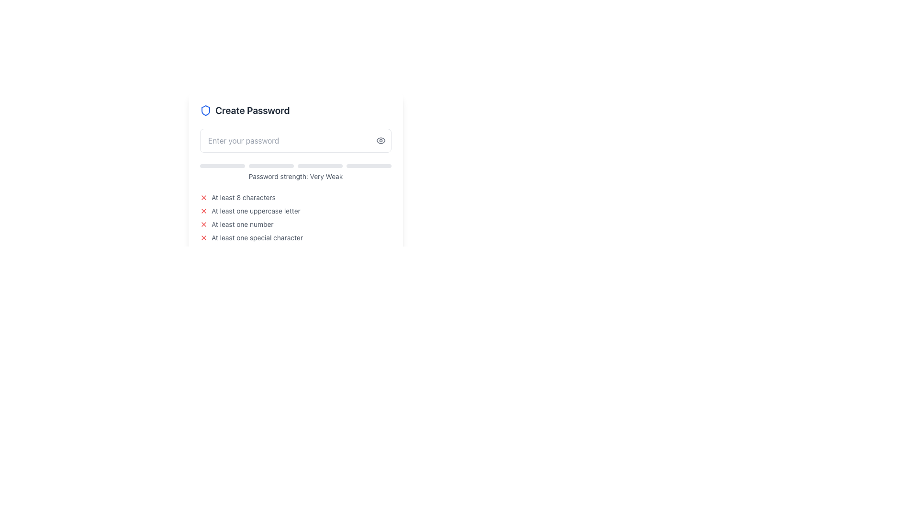 The width and height of the screenshot is (919, 517). What do you see at coordinates (205, 110) in the screenshot?
I see `the shield-shaped icon located within the SVG element at the top-left corner of the 'Create Password' section, to the left of the heading text 'Create Password'` at bounding box center [205, 110].